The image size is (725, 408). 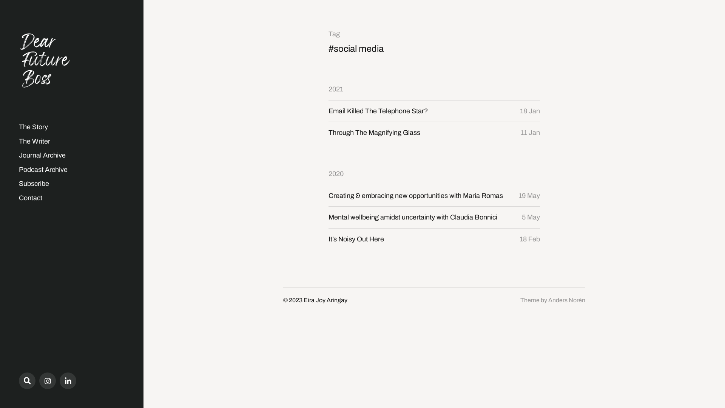 I want to click on '2020', so click(x=335, y=173).